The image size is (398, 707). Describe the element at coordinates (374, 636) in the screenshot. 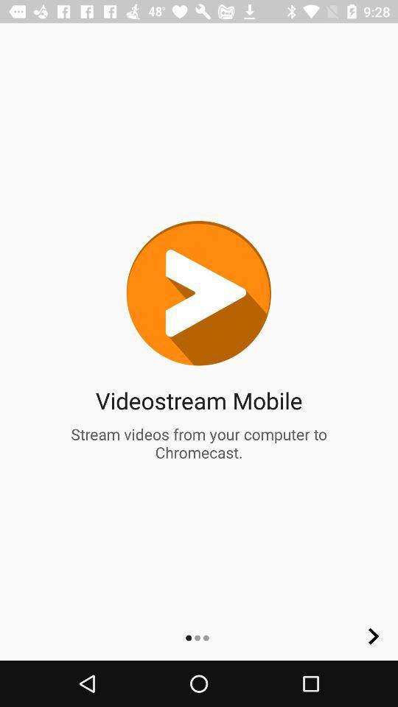

I see `next` at that location.